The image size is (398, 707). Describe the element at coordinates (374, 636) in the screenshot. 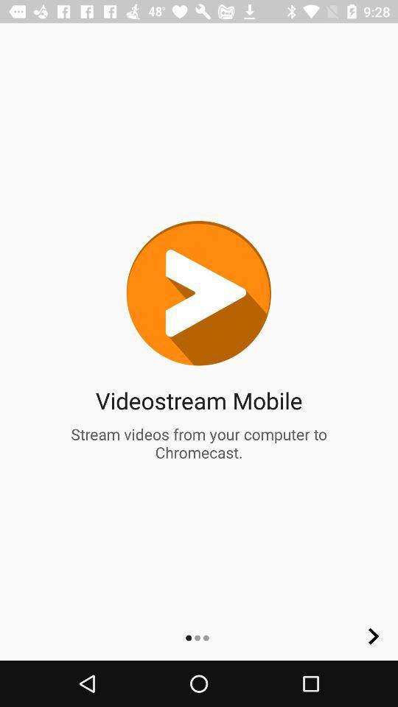

I see `next` at that location.